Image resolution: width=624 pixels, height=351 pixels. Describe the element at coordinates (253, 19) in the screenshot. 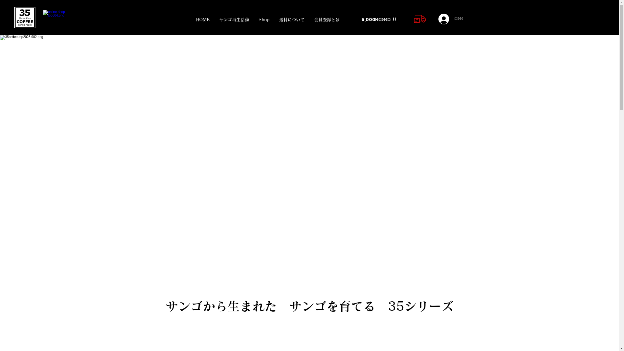

I see `'Shop'` at that location.